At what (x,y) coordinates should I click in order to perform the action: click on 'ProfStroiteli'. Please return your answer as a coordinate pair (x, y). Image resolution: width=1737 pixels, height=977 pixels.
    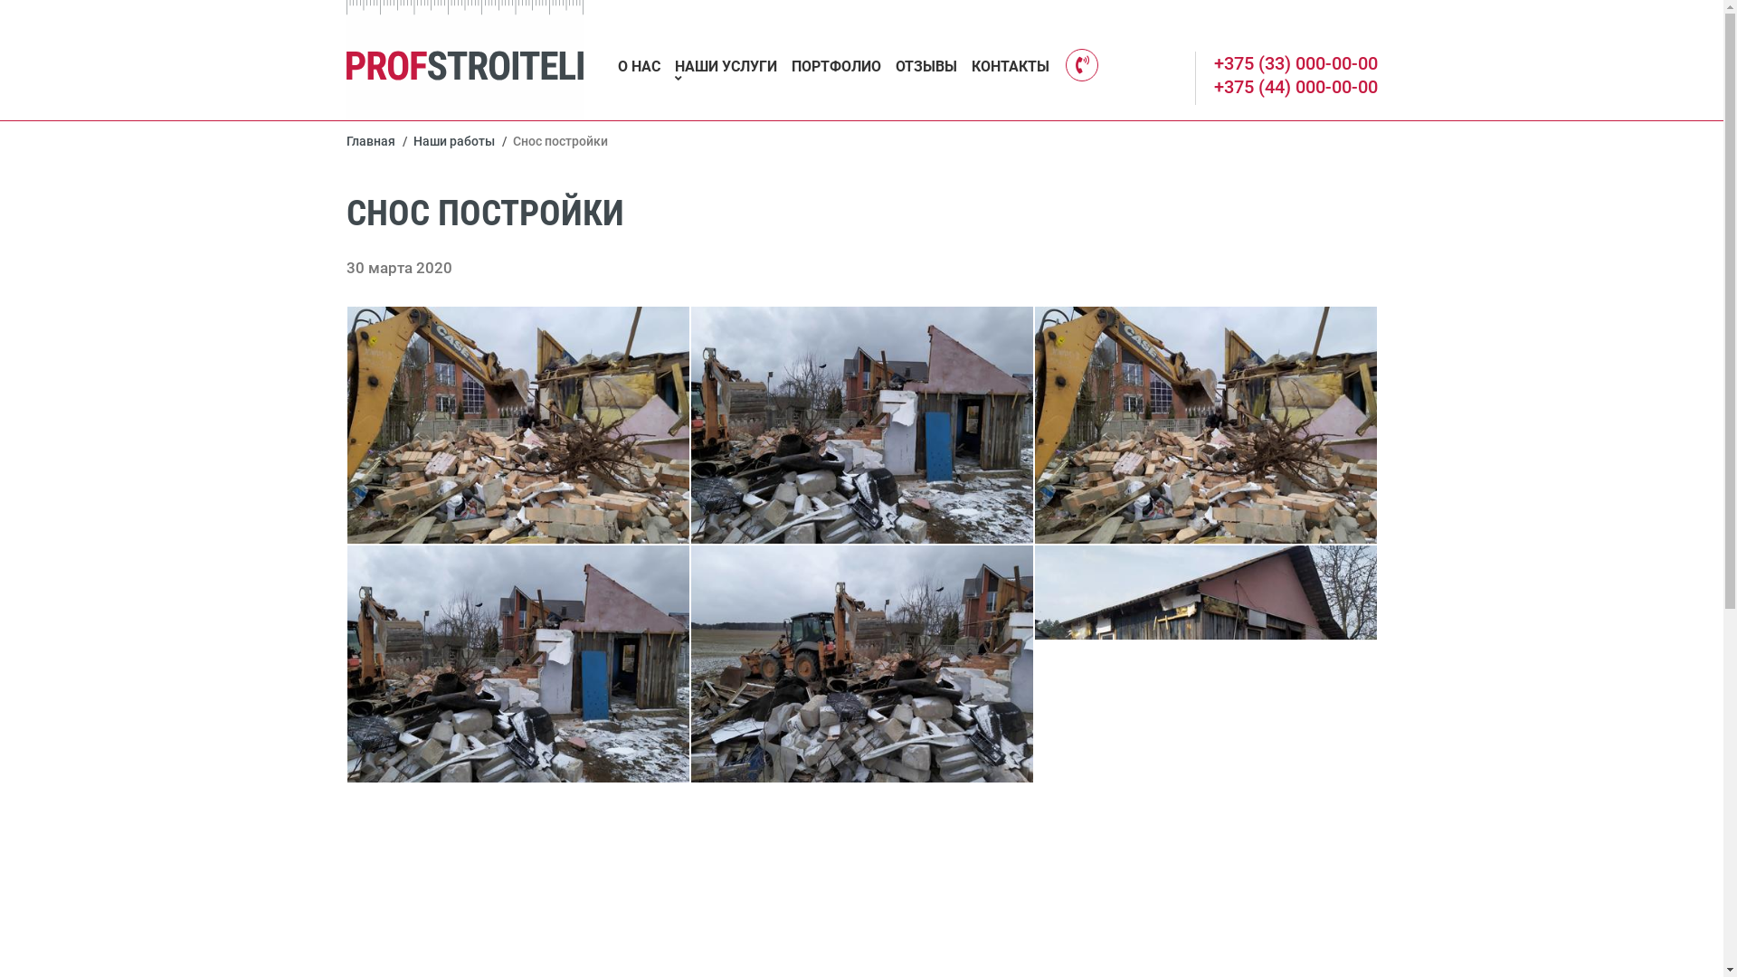
    Looking at the image, I should click on (464, 59).